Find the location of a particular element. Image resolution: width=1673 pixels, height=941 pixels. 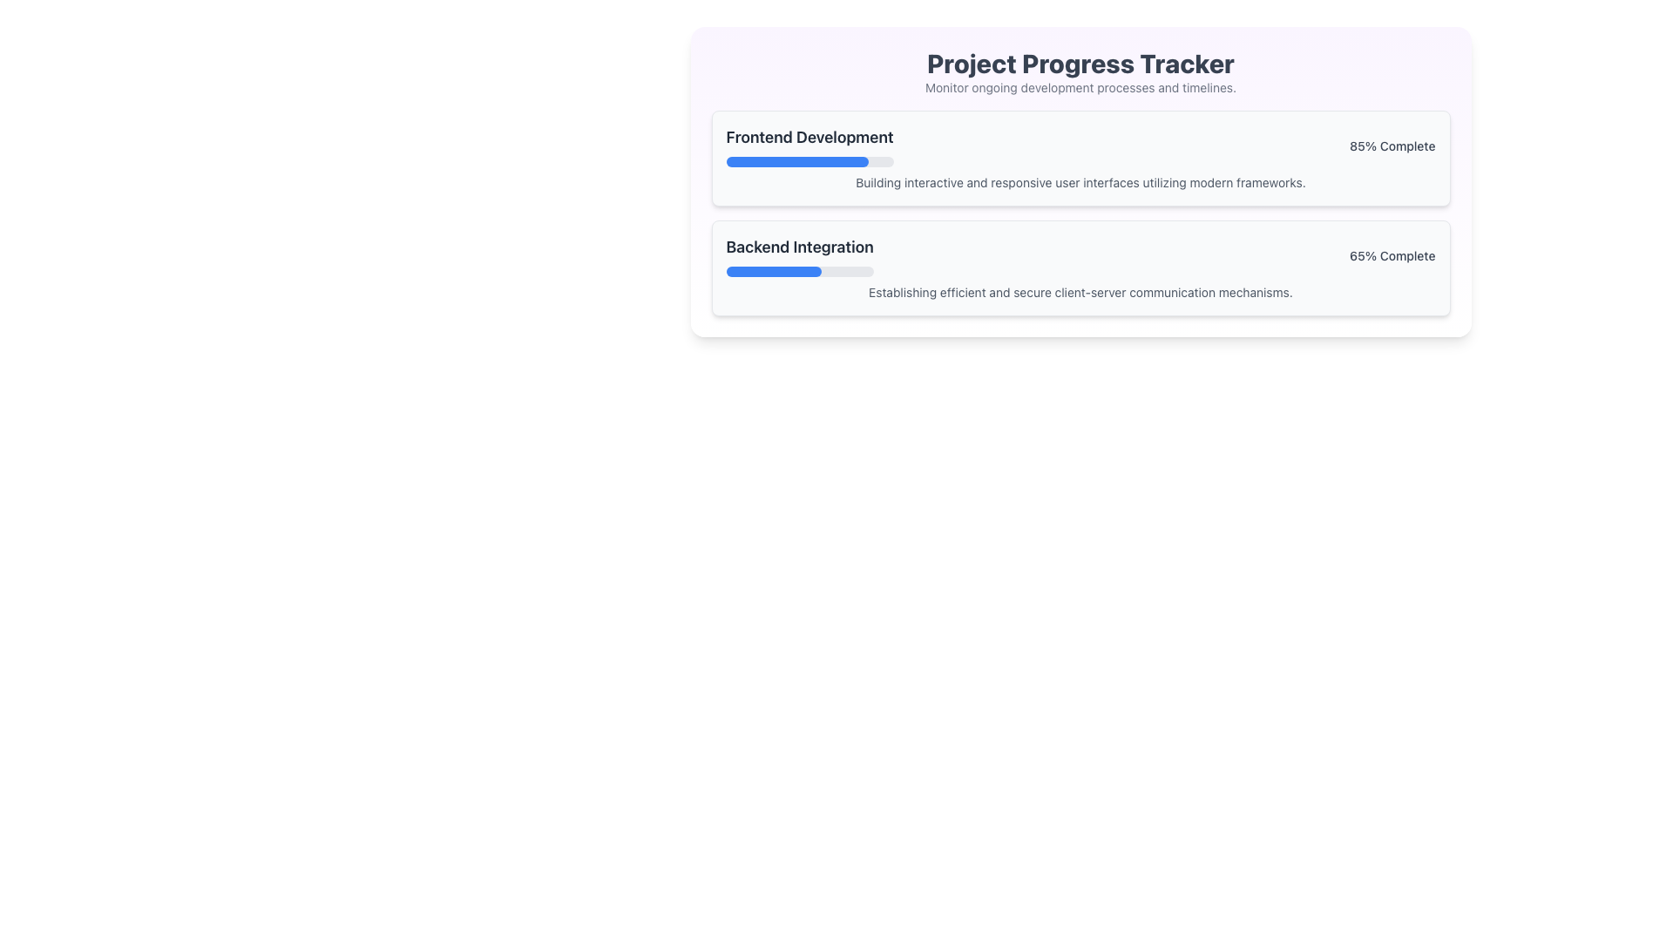

the horizontal progress bar with a grey background and blue-filled portion indicating progression, located below the 'Frontend Development' heading is located at coordinates (809, 161).